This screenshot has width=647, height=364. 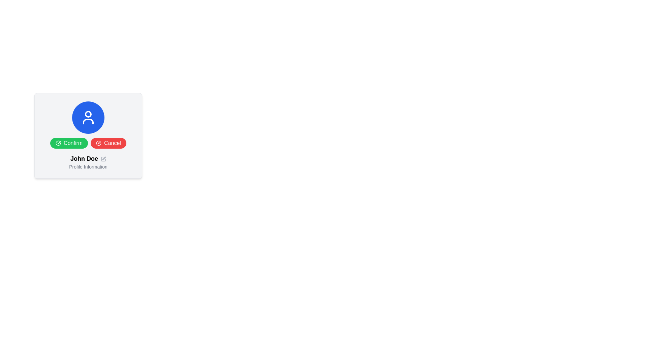 I want to click on the curved line within the blue circular icon that represents a user's profile picture, located at the bottom portion of the icon, so click(x=88, y=122).